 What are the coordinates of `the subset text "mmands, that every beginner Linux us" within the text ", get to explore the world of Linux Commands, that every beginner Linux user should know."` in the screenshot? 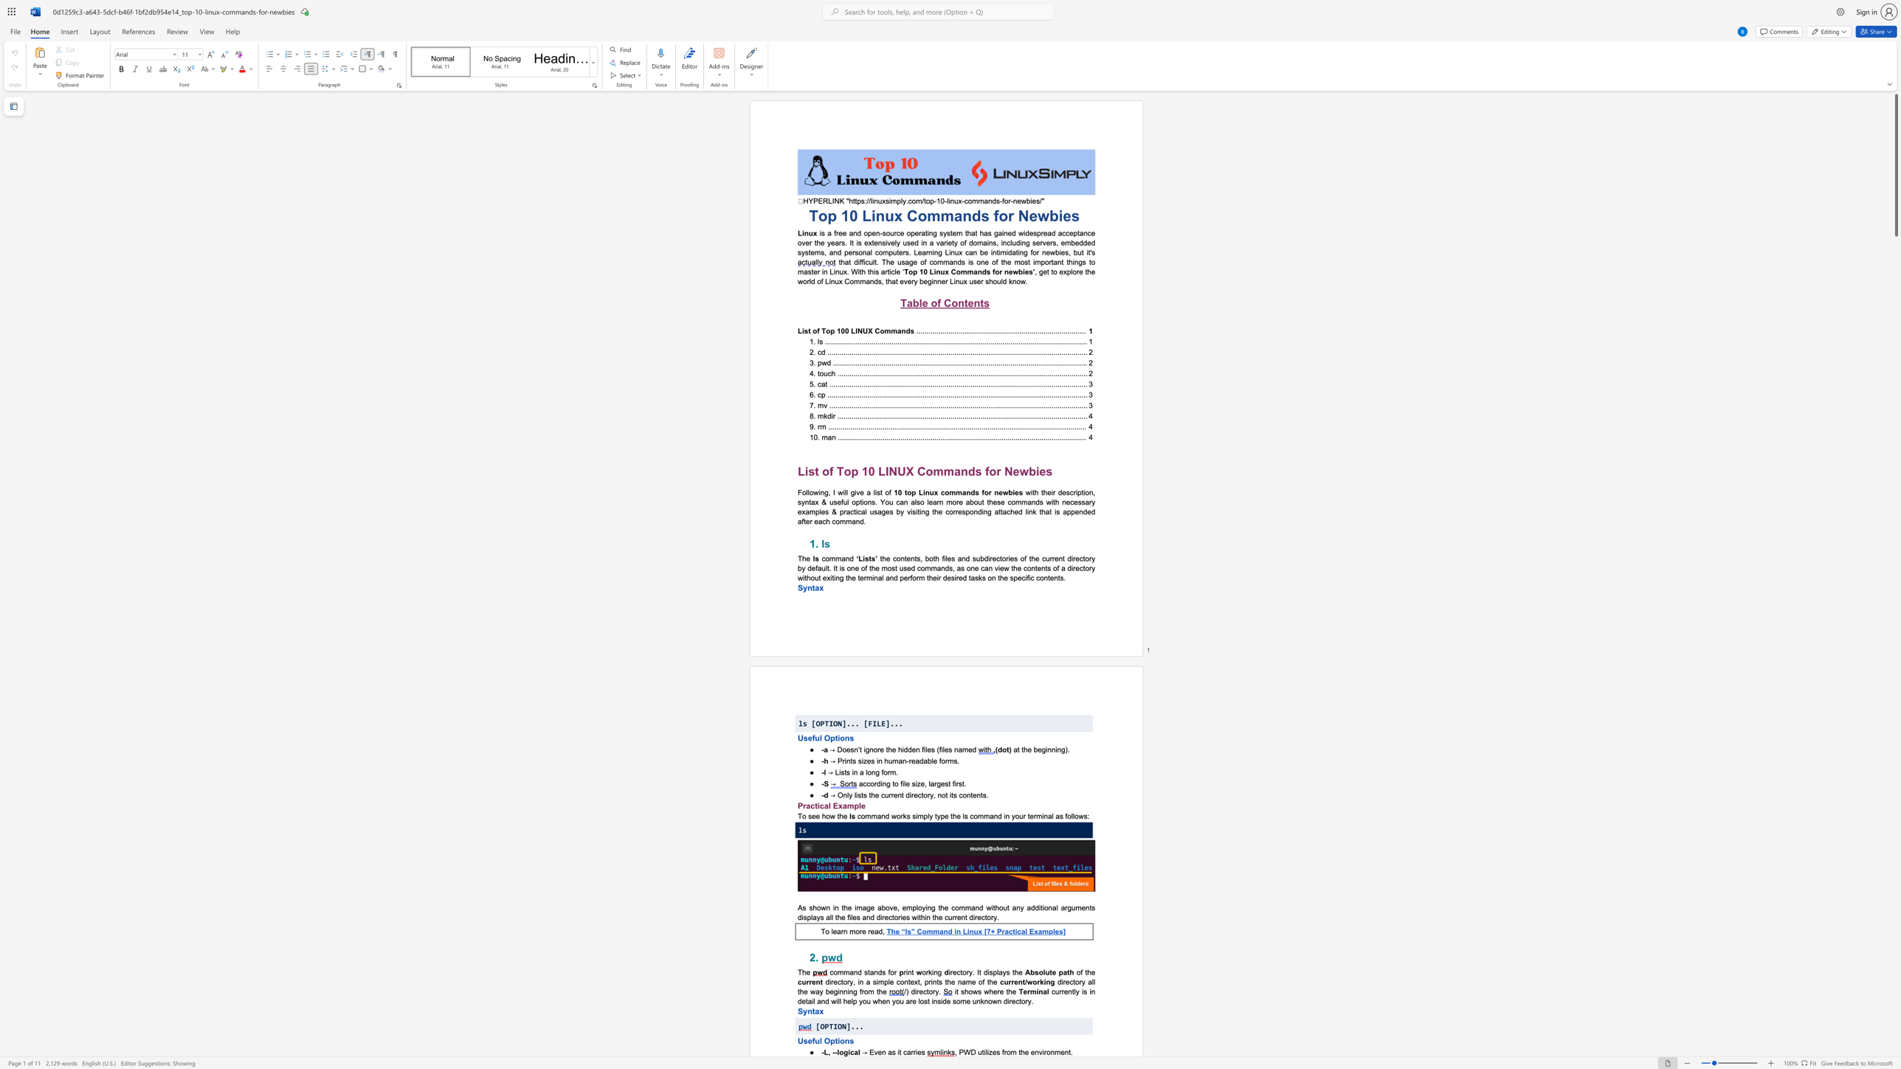 It's located at (853, 280).